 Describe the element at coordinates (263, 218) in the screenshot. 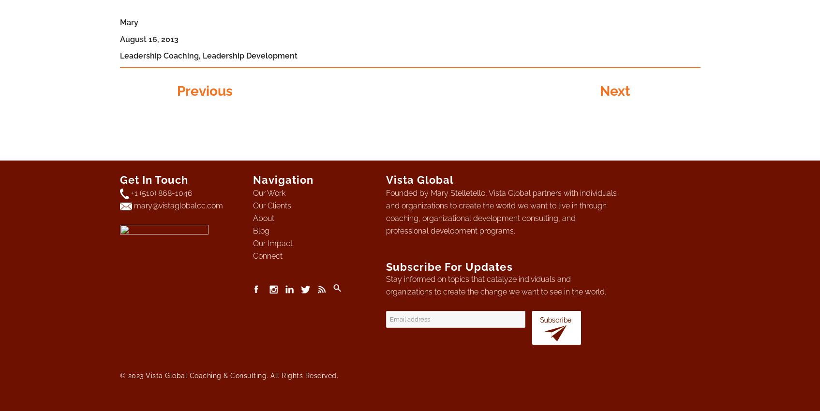

I see `'About'` at that location.